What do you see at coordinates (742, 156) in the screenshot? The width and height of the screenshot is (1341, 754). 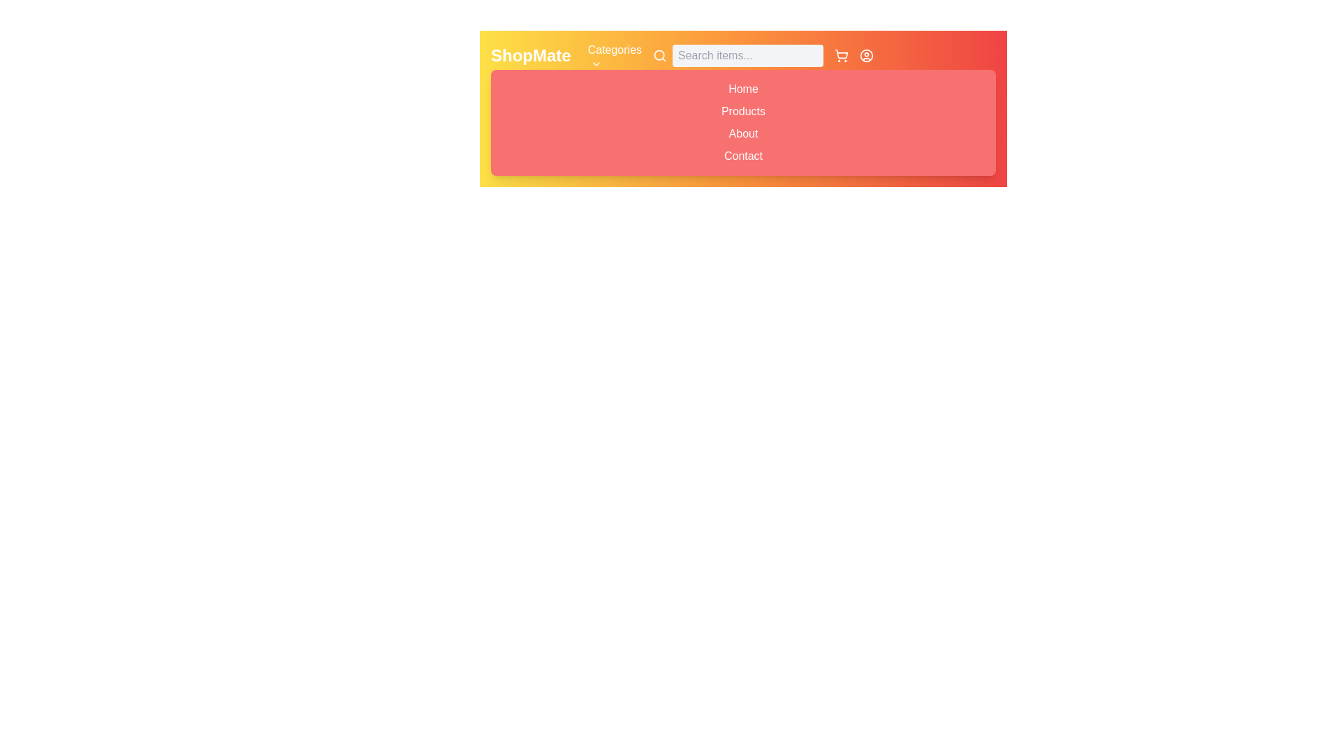 I see `the 'Contact' text hyperlink, which is the fourth item in a vertical list` at bounding box center [742, 156].